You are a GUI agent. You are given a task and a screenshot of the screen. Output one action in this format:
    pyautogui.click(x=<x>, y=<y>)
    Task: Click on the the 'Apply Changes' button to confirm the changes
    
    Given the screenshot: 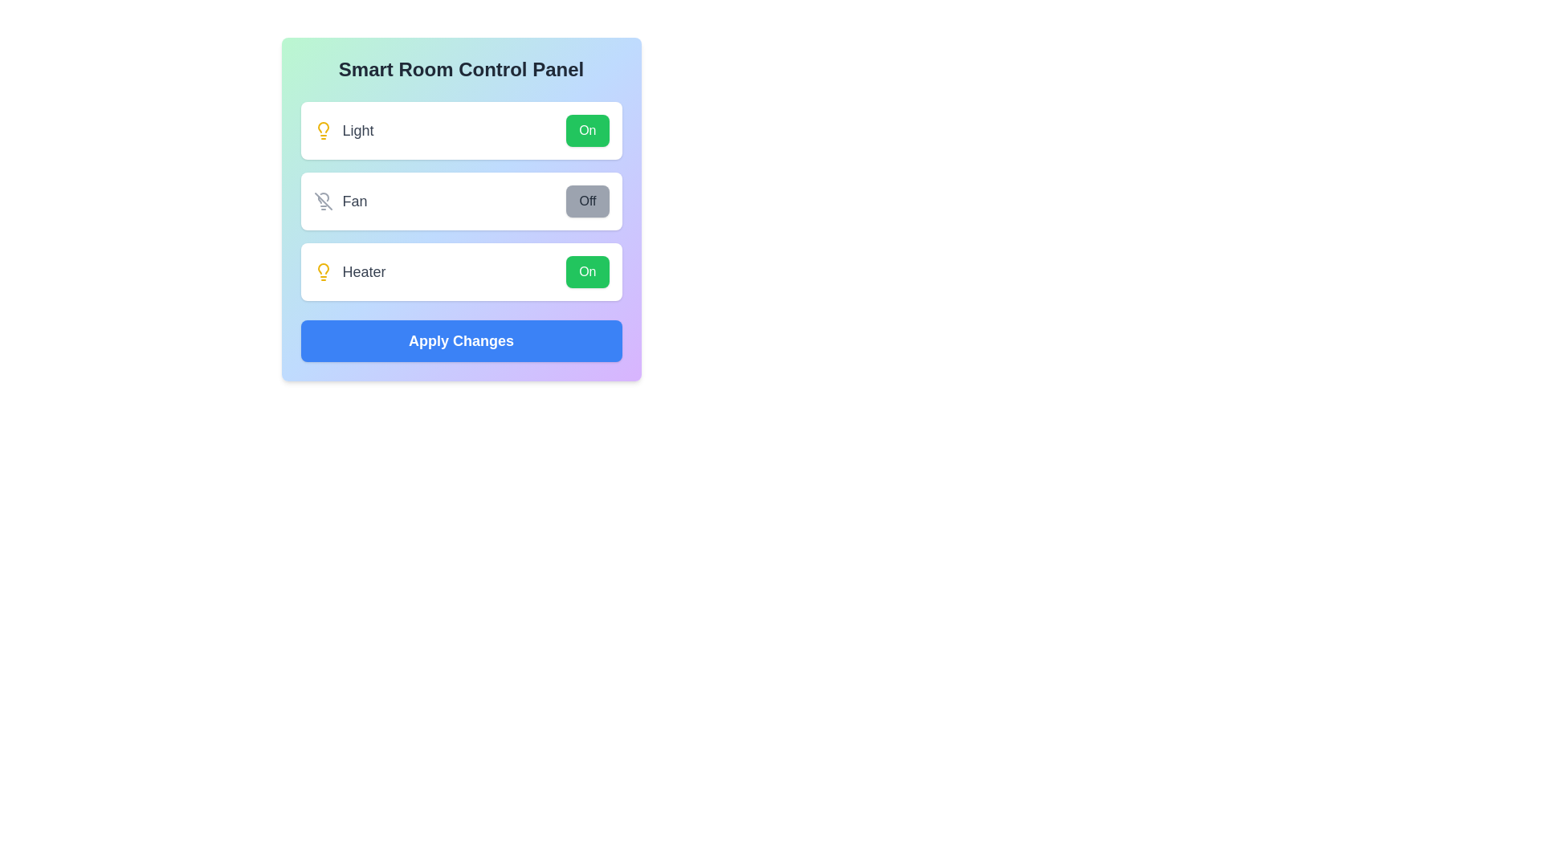 What is the action you would take?
    pyautogui.click(x=460, y=340)
    